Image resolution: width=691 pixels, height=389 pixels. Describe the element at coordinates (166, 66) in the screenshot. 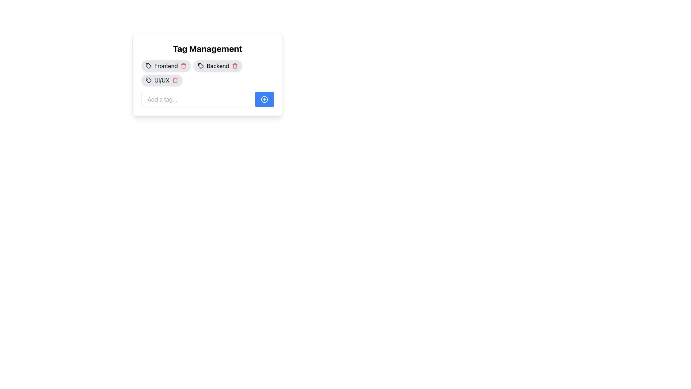

I see `the first tag item representing 'Frontend' in the Tag Management section` at that location.